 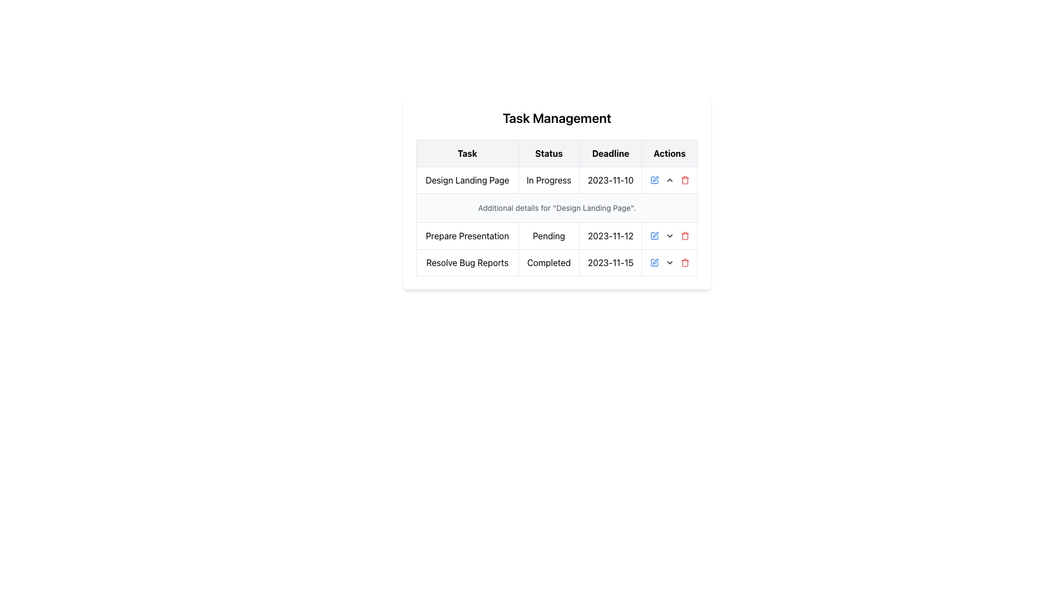 What do you see at coordinates (655, 234) in the screenshot?
I see `the editing icon located in the 'Actions' column of the second row of the task table` at bounding box center [655, 234].